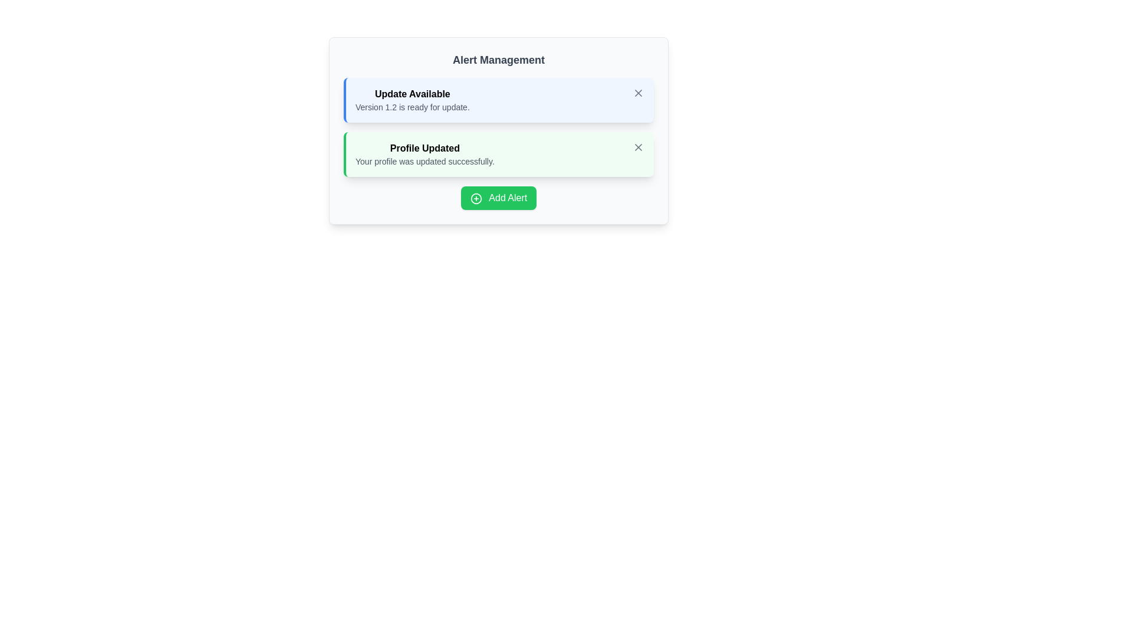 The height and width of the screenshot is (637, 1132). I want to click on the Text Label that provides feedback confirming the successful update of the user's profile, located in a notification section with a light green background, directly below the heading 'Profile Updated', so click(424, 161).